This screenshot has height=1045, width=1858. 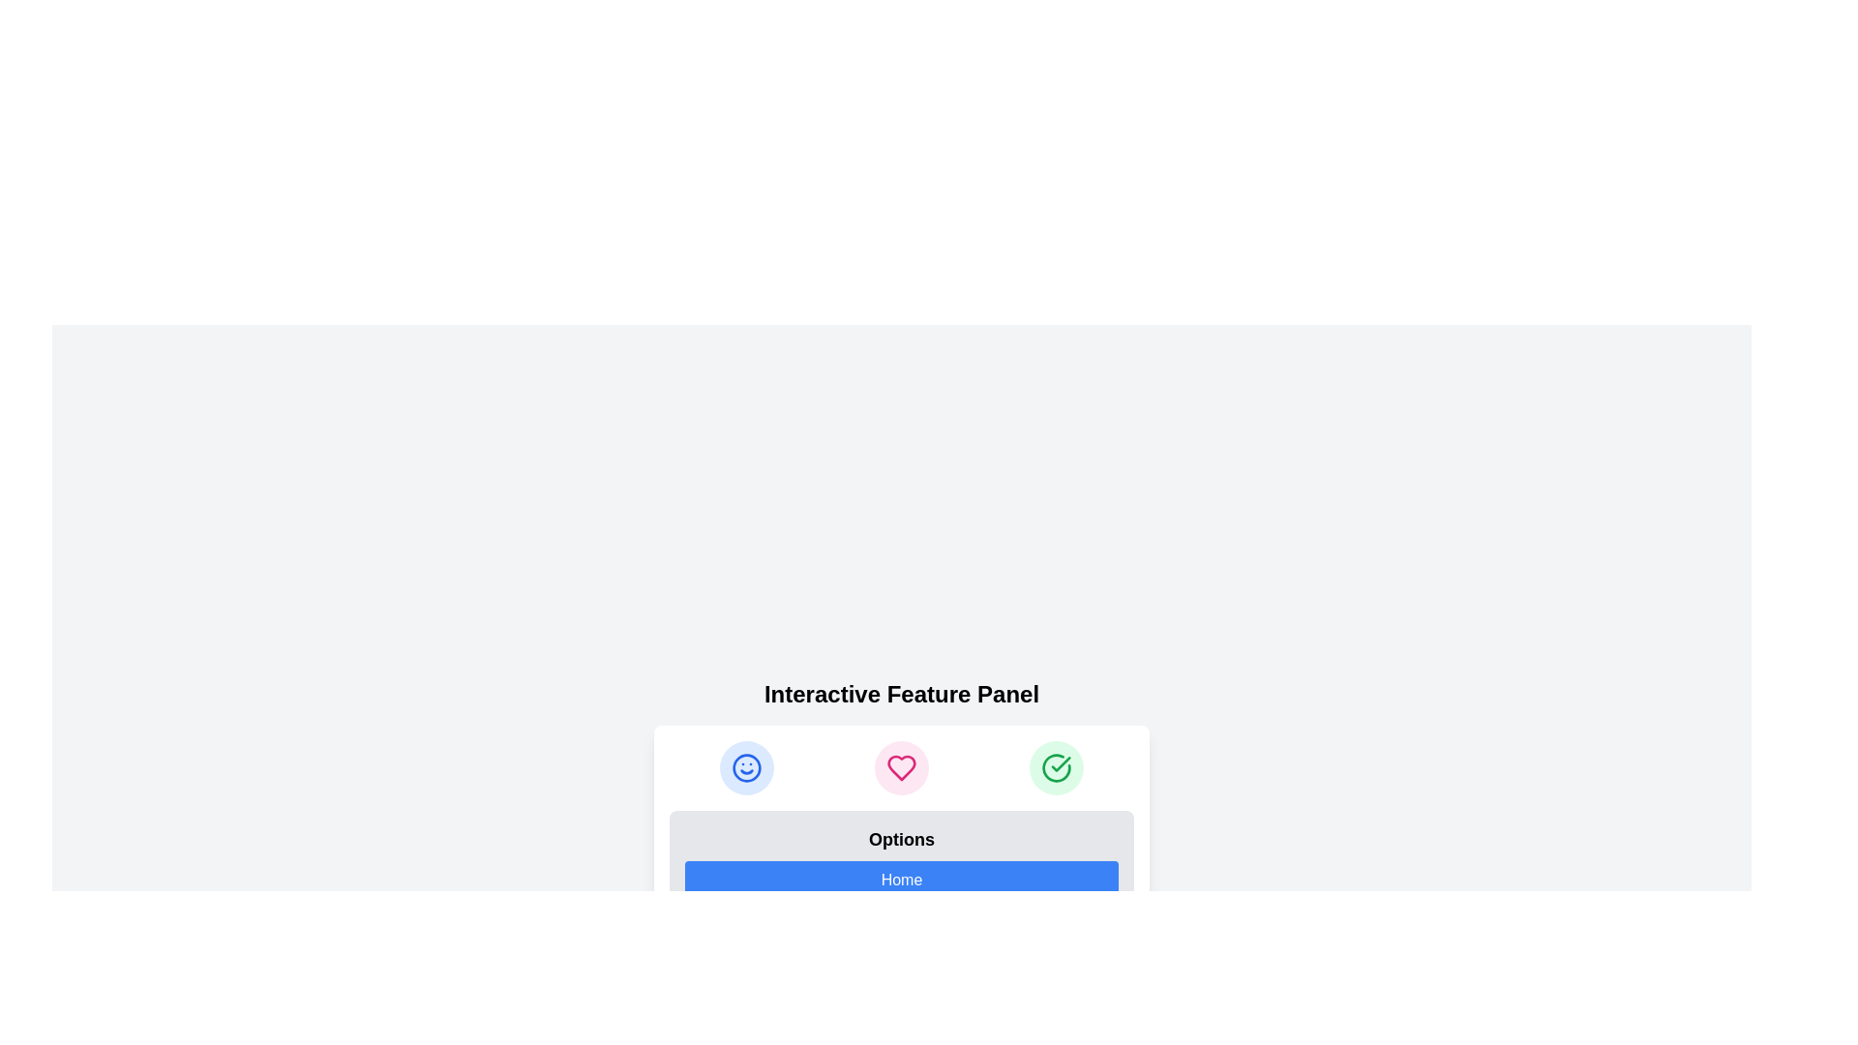 I want to click on the green checkmark icon within the SVG graphic located in the top-right corner of the Interactive Feature Panel to invoke an action or selection, so click(x=1059, y=763).